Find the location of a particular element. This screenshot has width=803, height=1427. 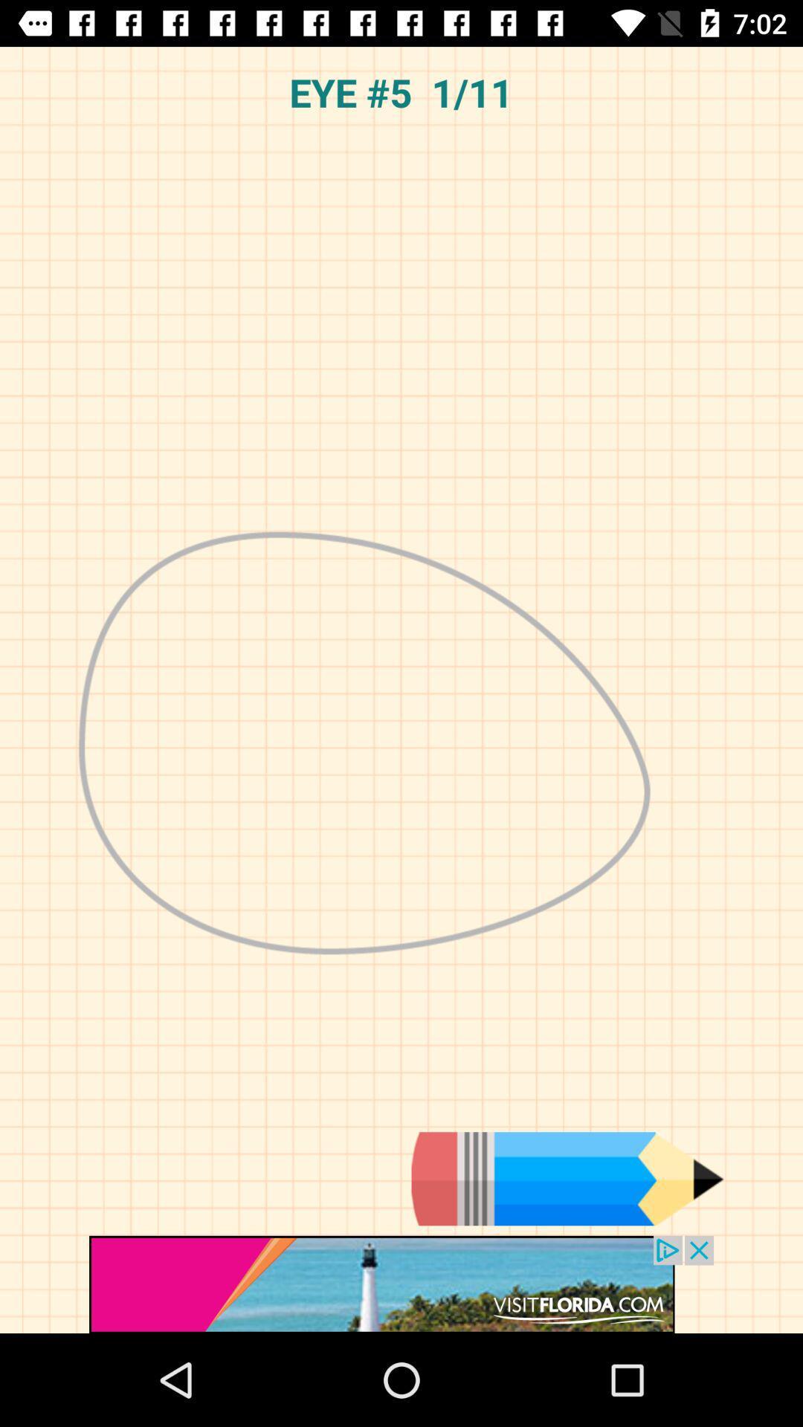

advertisement is located at coordinates (401, 1284).